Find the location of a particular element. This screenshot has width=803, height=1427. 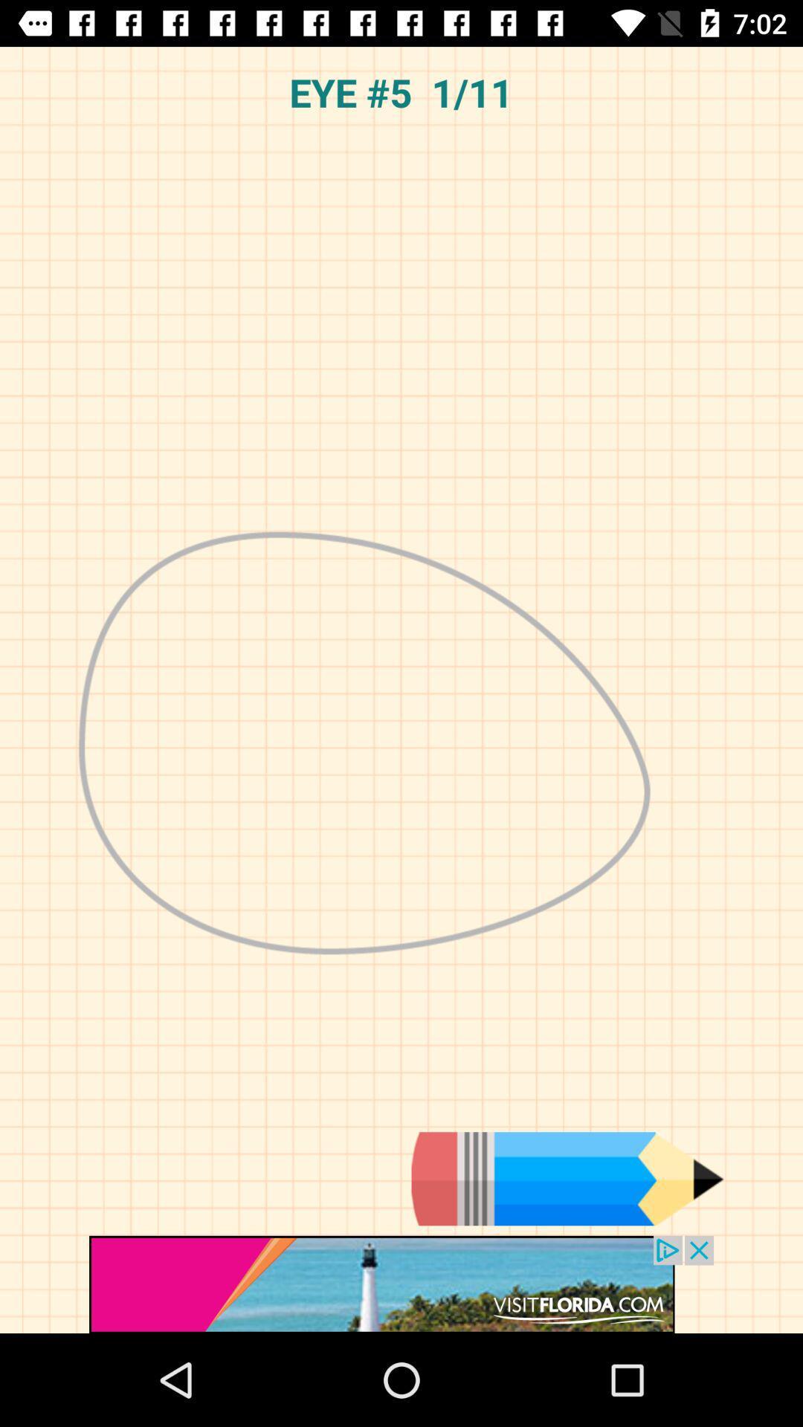

advertisement is located at coordinates (401, 1284).